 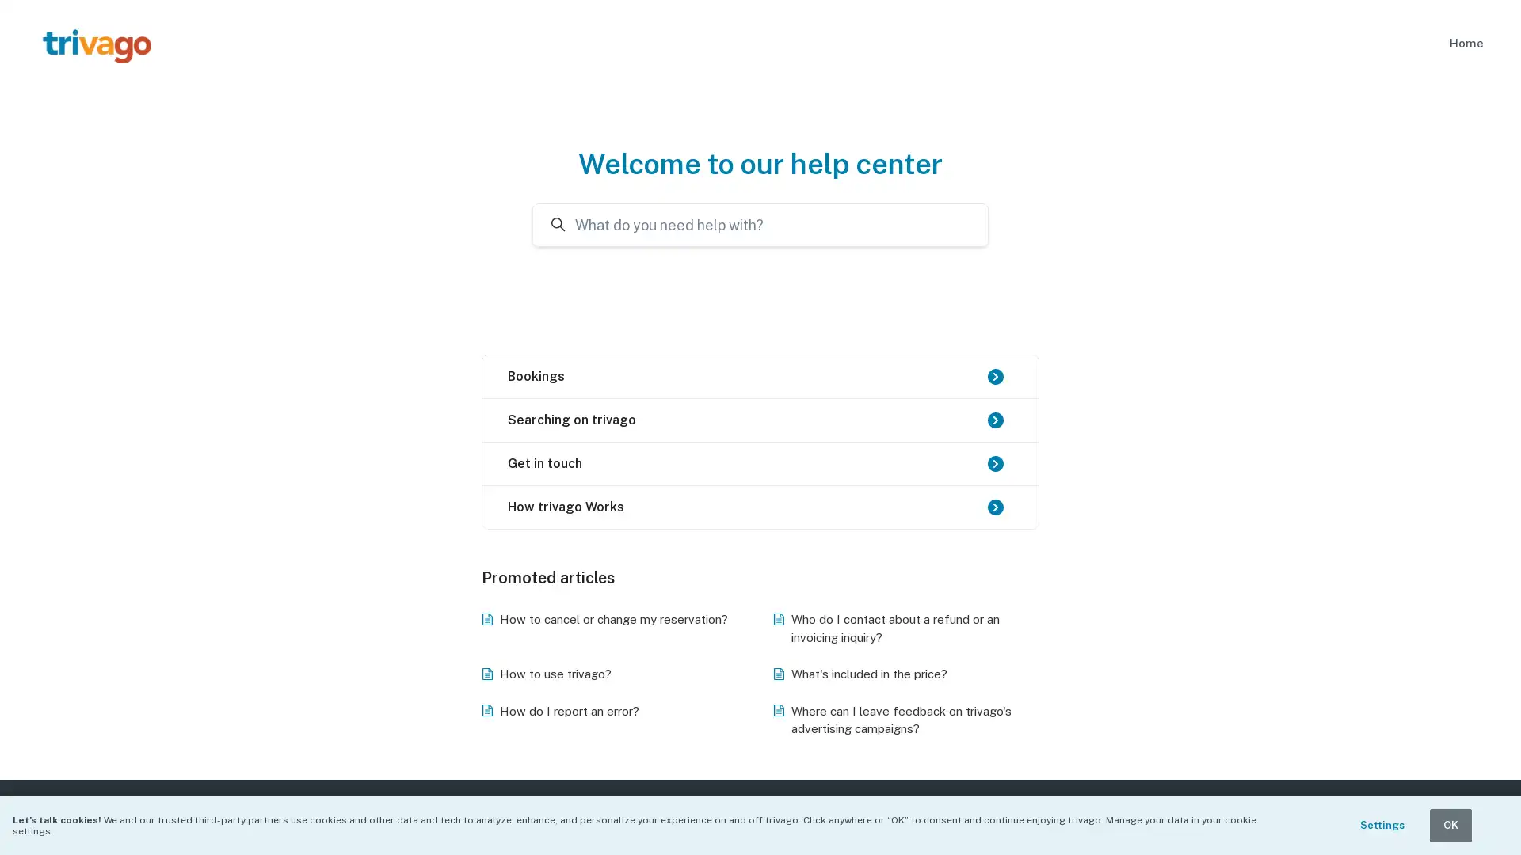 I want to click on OK, so click(x=1450, y=824).